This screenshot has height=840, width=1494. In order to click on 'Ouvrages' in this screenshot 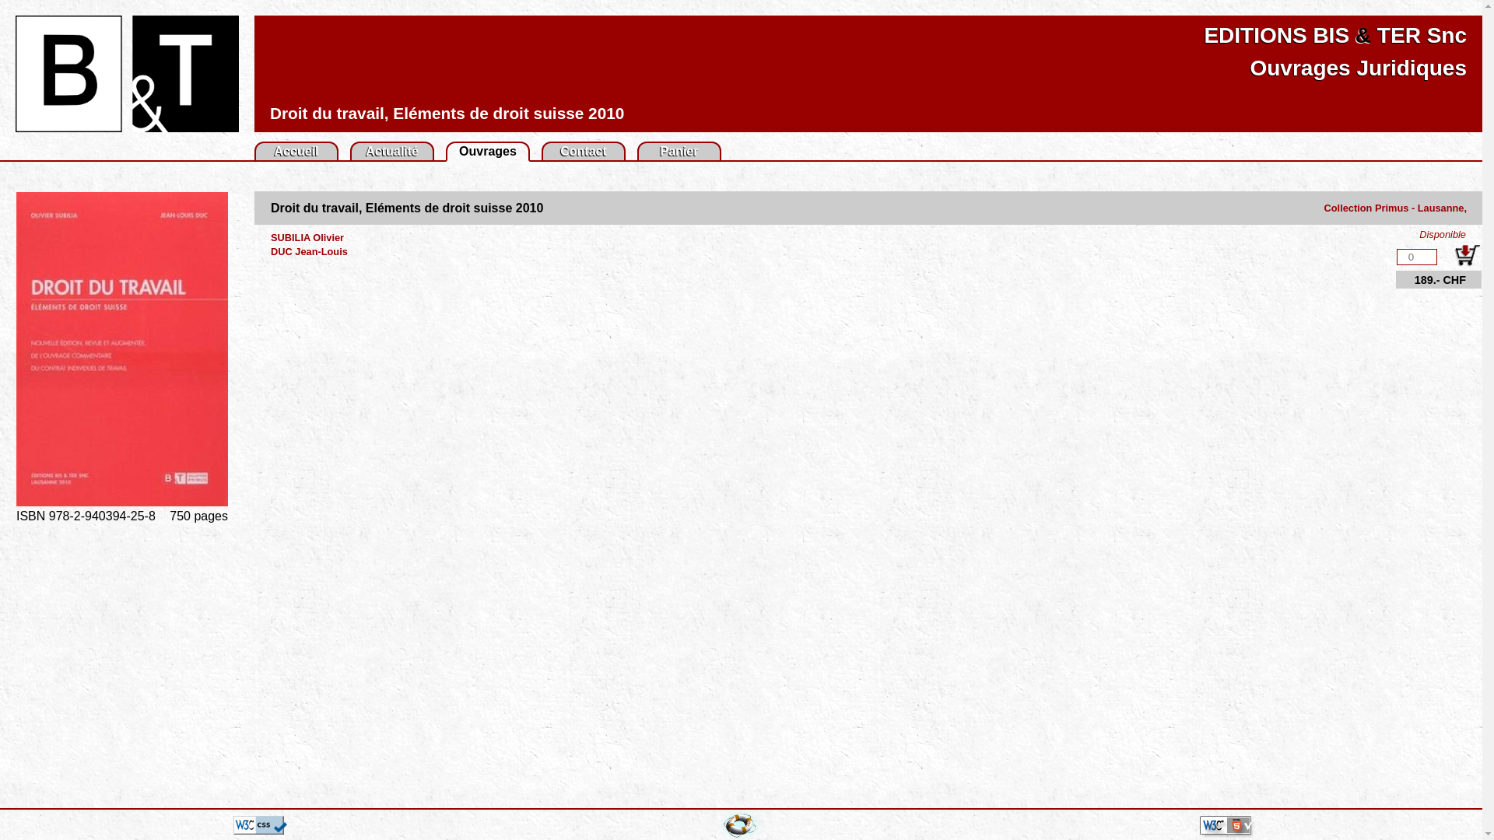, I will do `click(458, 151)`.